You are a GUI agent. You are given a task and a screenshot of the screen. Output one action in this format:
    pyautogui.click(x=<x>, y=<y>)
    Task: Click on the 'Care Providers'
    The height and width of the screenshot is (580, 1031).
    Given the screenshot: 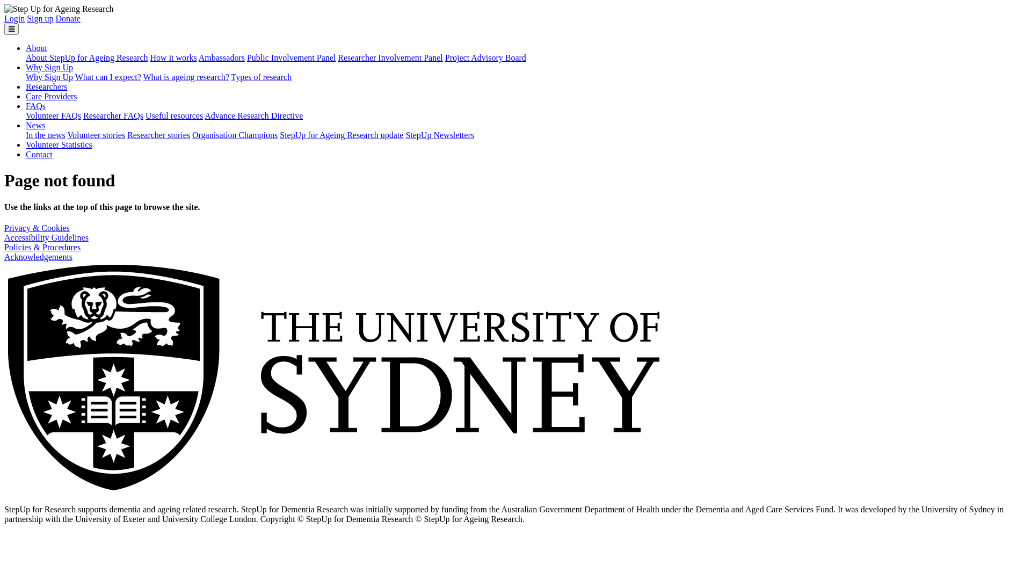 What is the action you would take?
    pyautogui.click(x=26, y=96)
    